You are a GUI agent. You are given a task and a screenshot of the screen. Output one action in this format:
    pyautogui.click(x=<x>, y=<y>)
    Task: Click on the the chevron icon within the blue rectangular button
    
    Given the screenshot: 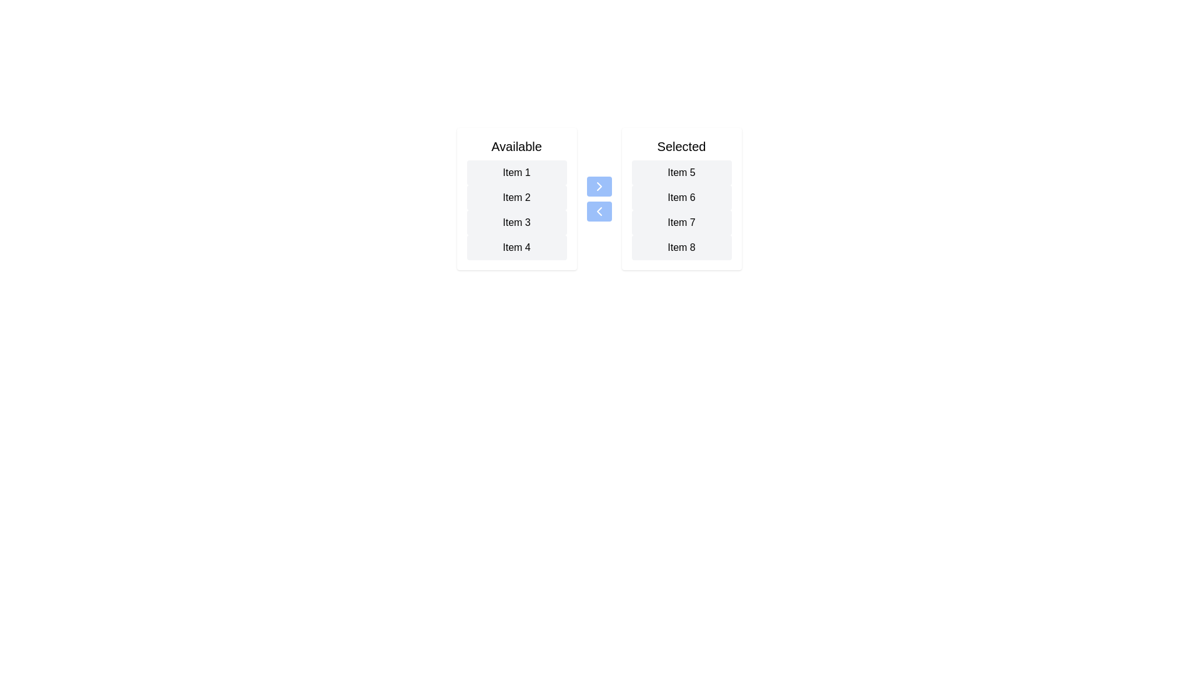 What is the action you would take?
    pyautogui.click(x=598, y=187)
    